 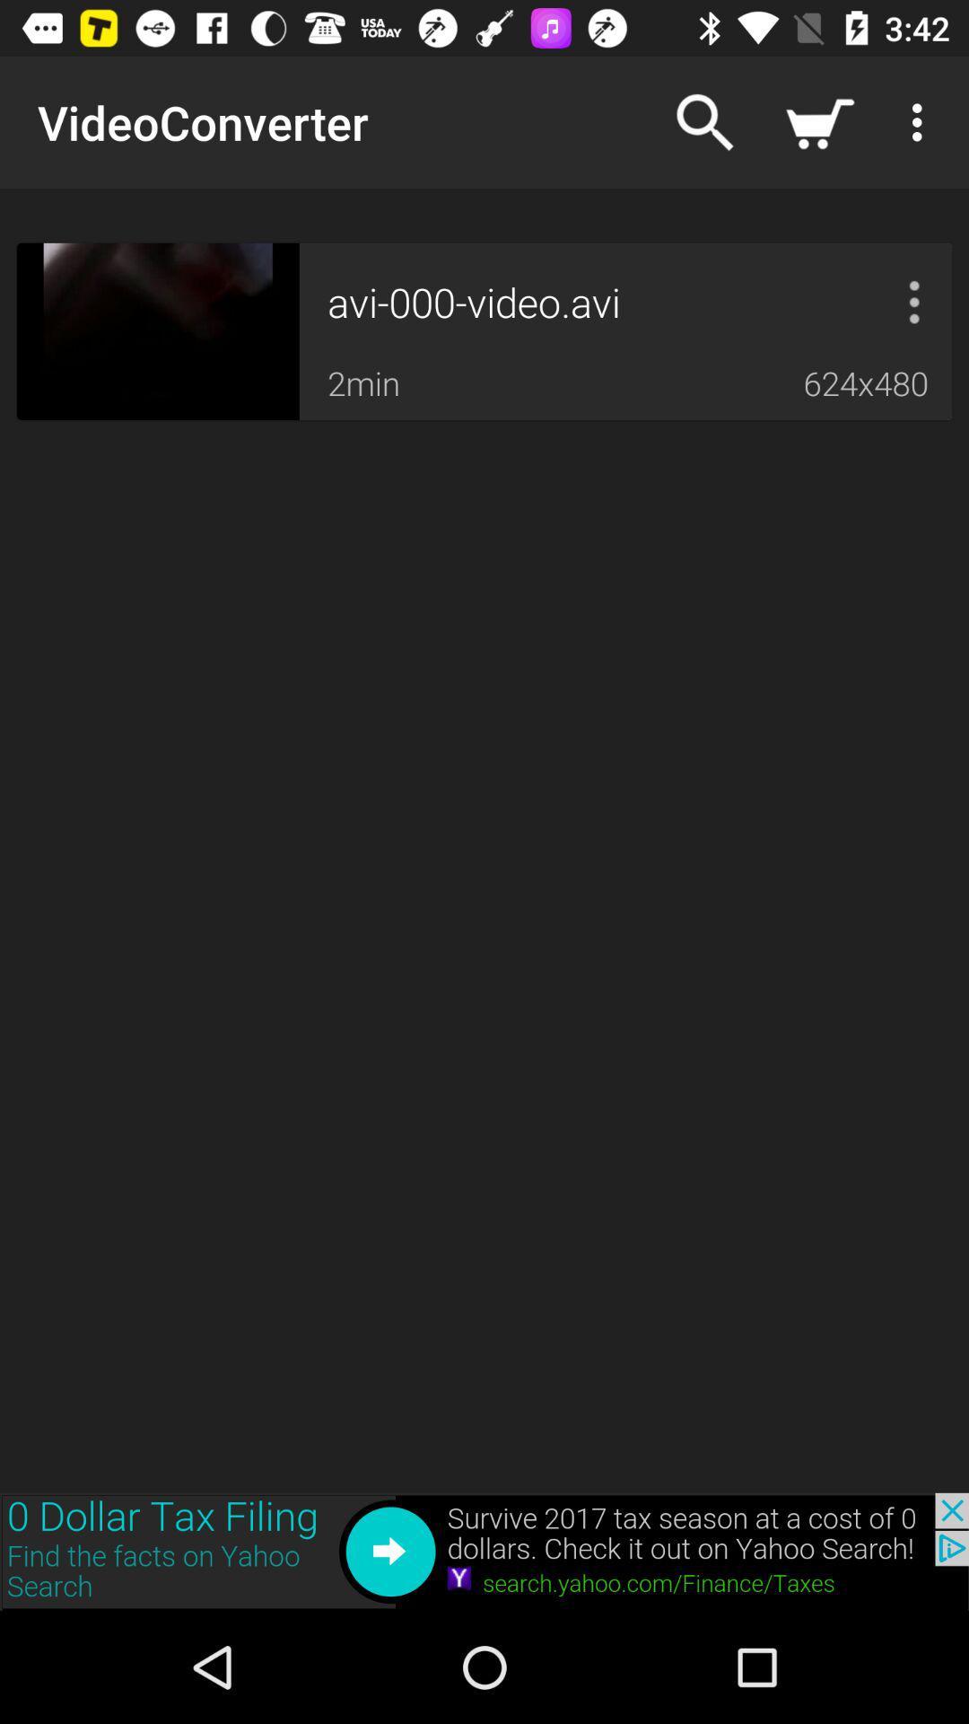 What do you see at coordinates (914, 302) in the screenshot?
I see `more options` at bounding box center [914, 302].